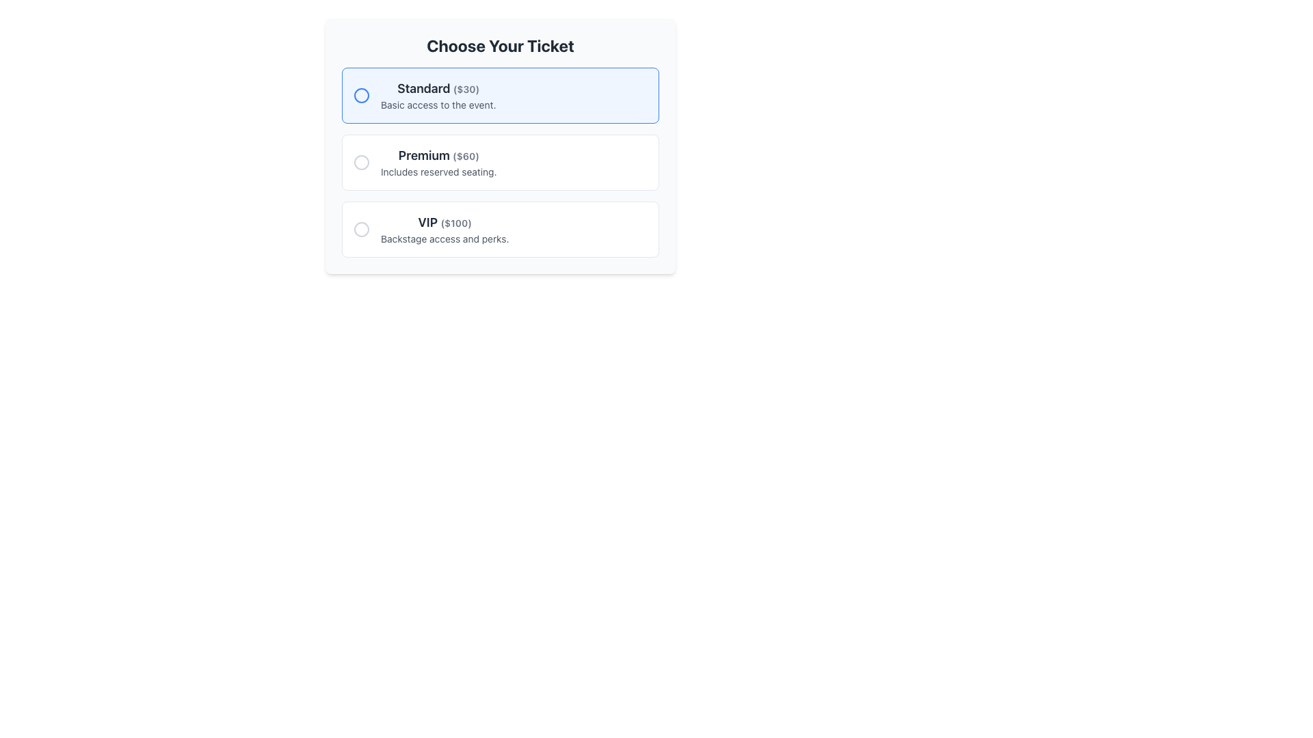  What do you see at coordinates (438, 171) in the screenshot?
I see `text content of the description providing additional information about the 'Premium' ticket option, located below the 'Premium ($60)' title` at bounding box center [438, 171].